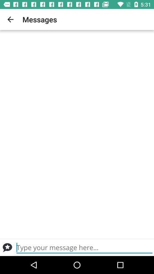 The width and height of the screenshot is (154, 274). I want to click on type message here, so click(84, 247).